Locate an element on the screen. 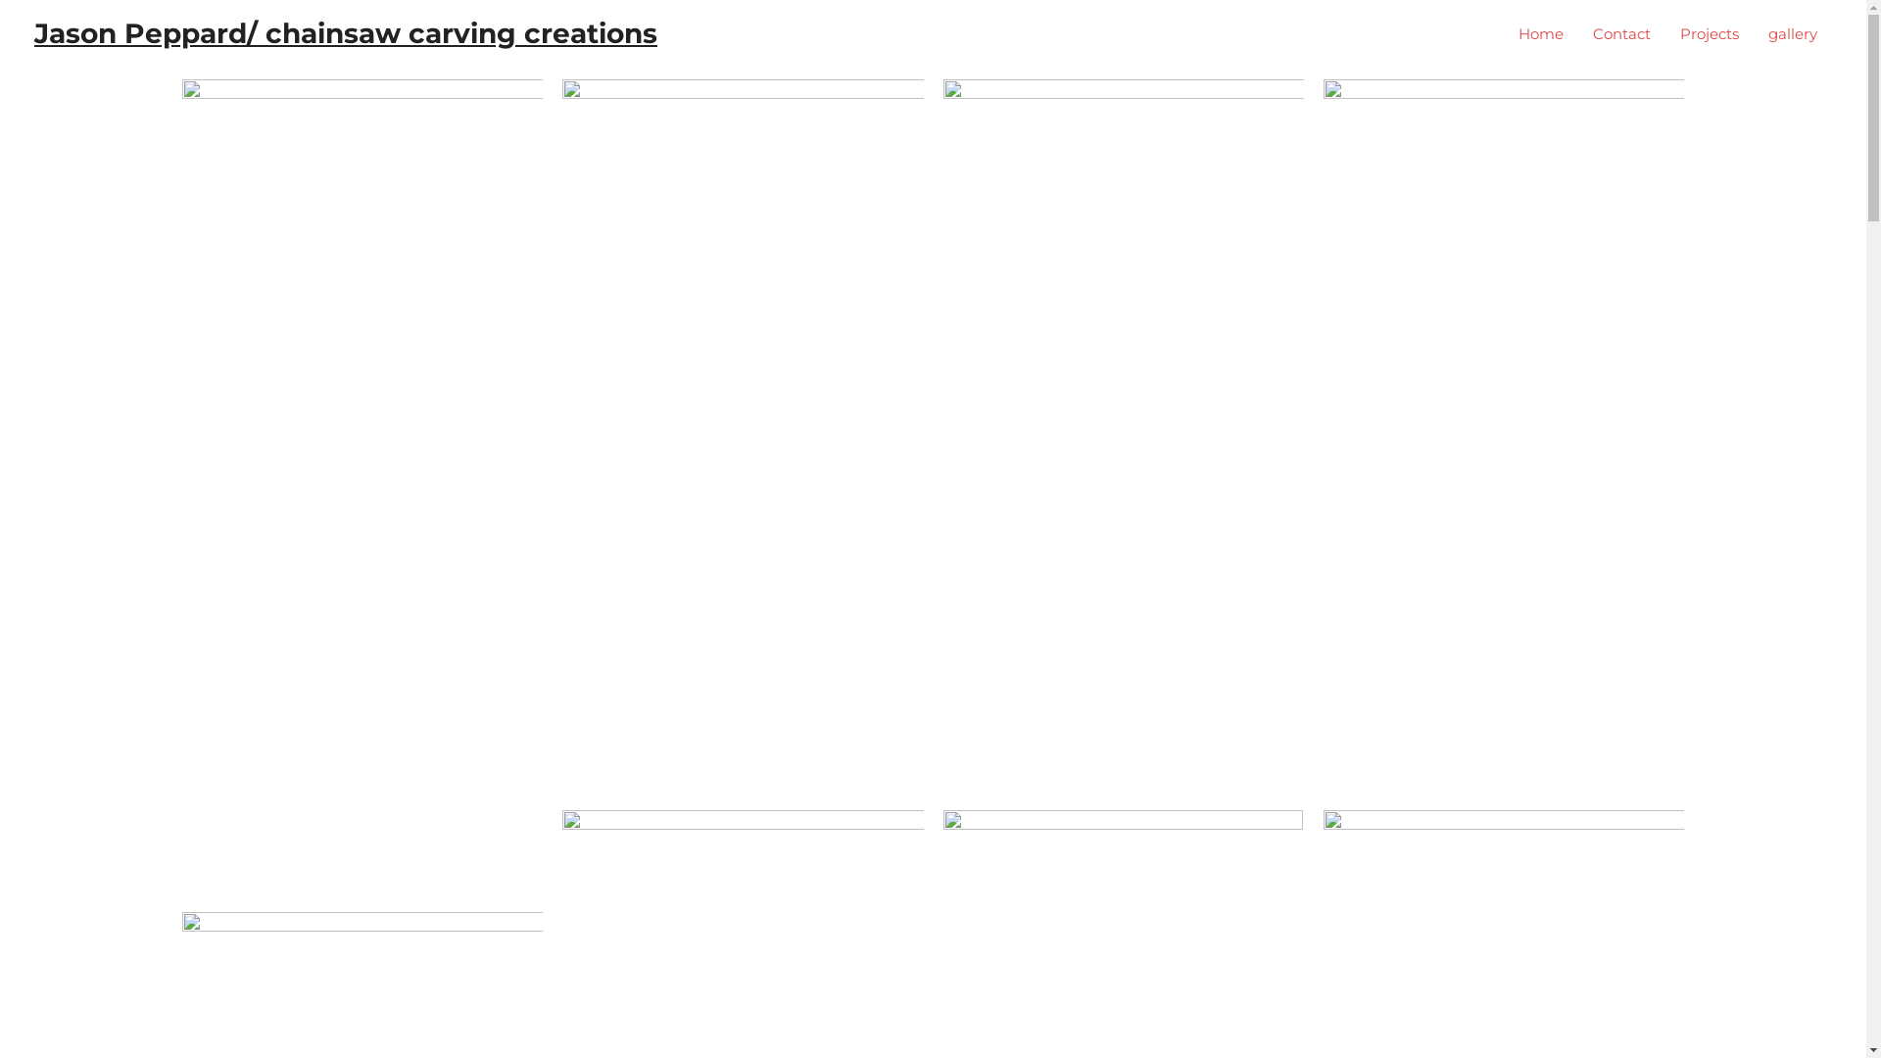  'Contact' is located at coordinates (1621, 33).